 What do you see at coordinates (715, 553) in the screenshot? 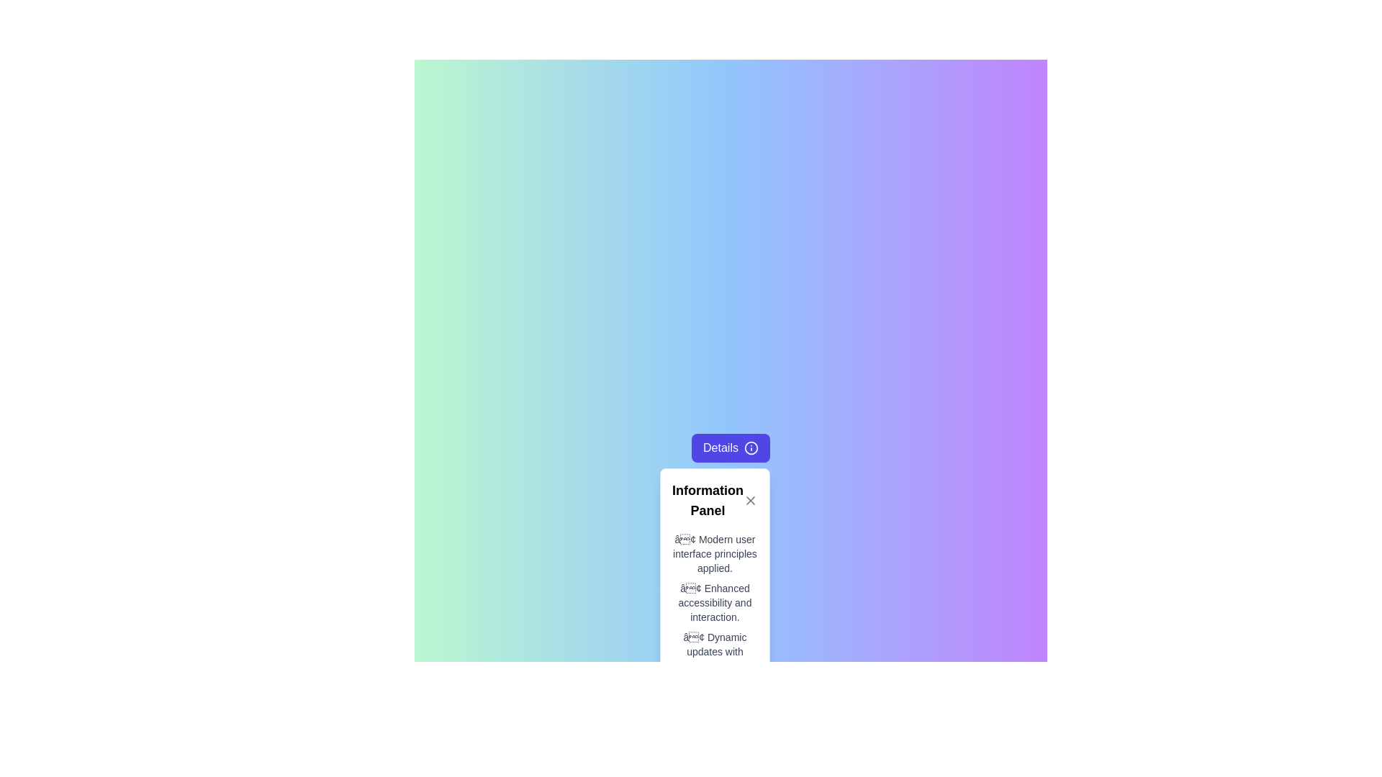
I see `the text 'Modern user interface principles applied.' which is the first bullet point in a vertical list on the Information Panel` at bounding box center [715, 553].